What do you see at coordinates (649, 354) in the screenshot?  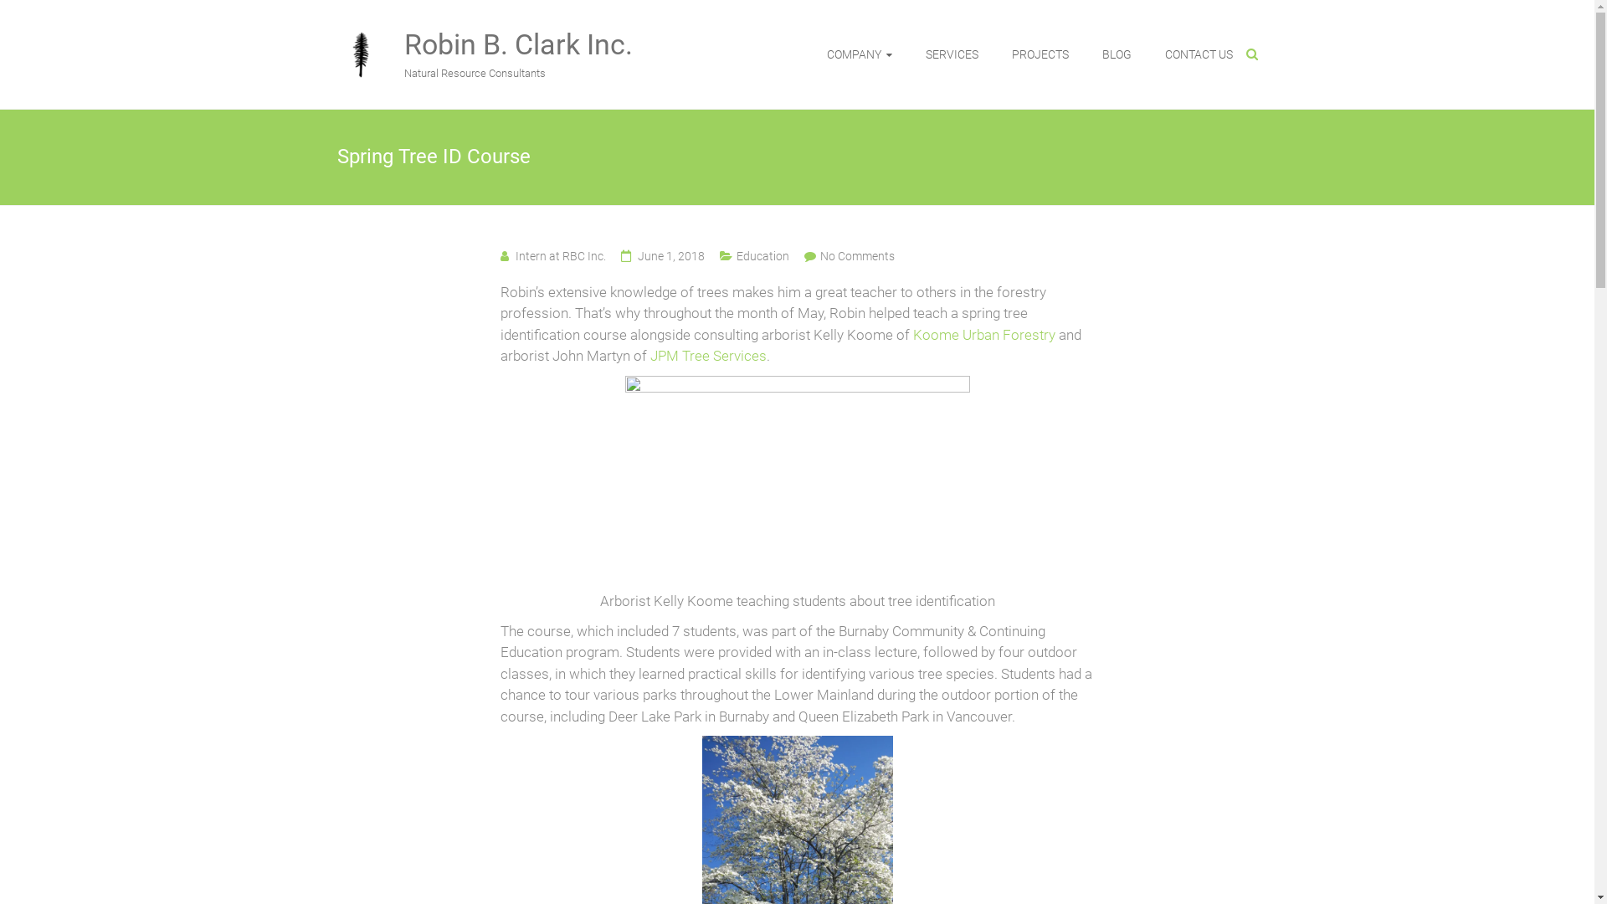 I see `'JPM Tree Services'` at bounding box center [649, 354].